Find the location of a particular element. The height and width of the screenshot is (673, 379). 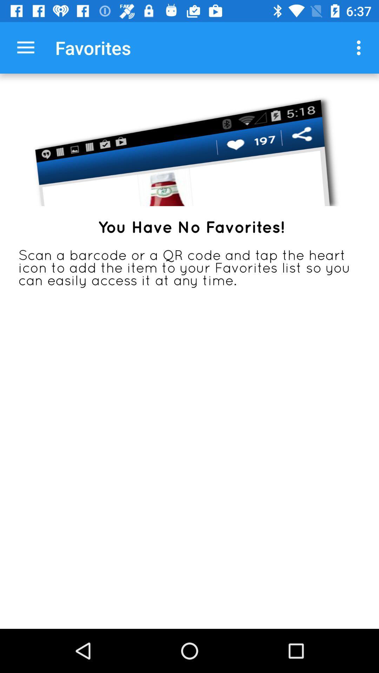

item at the top right corner is located at coordinates (360, 47).